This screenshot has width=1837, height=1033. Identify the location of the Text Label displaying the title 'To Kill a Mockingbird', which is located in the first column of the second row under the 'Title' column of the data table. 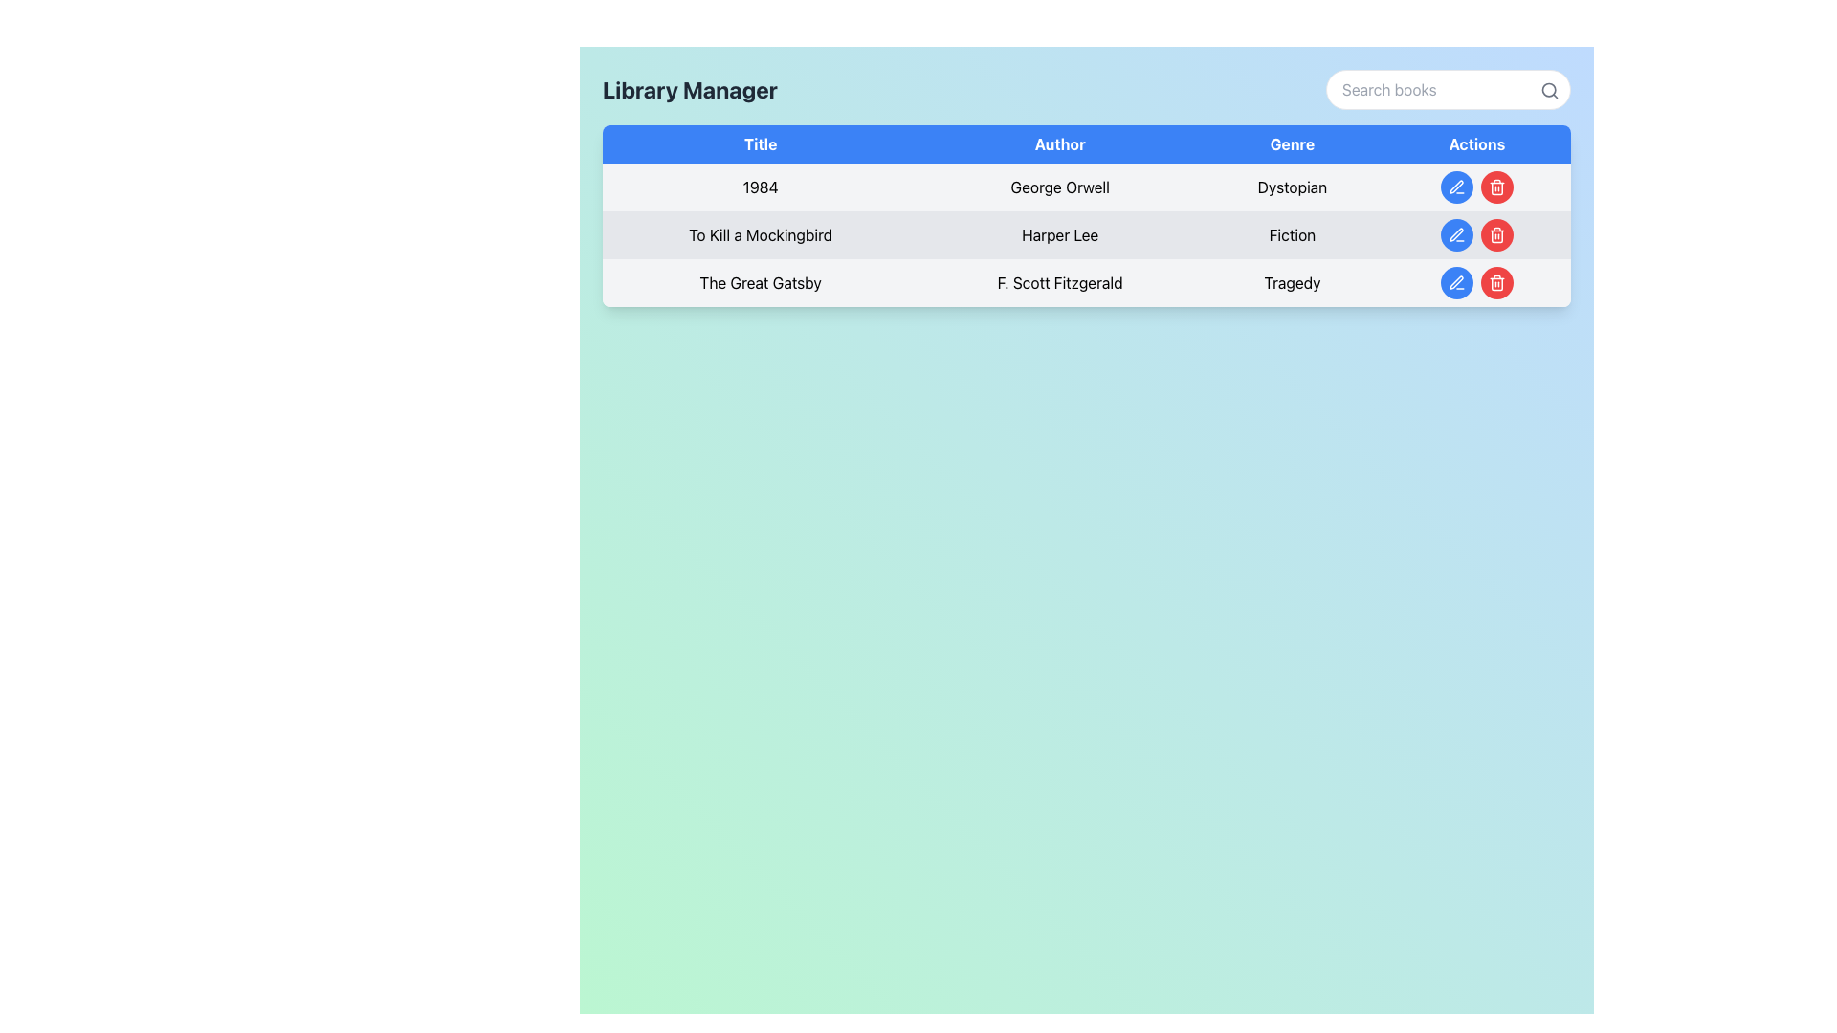
(760, 234).